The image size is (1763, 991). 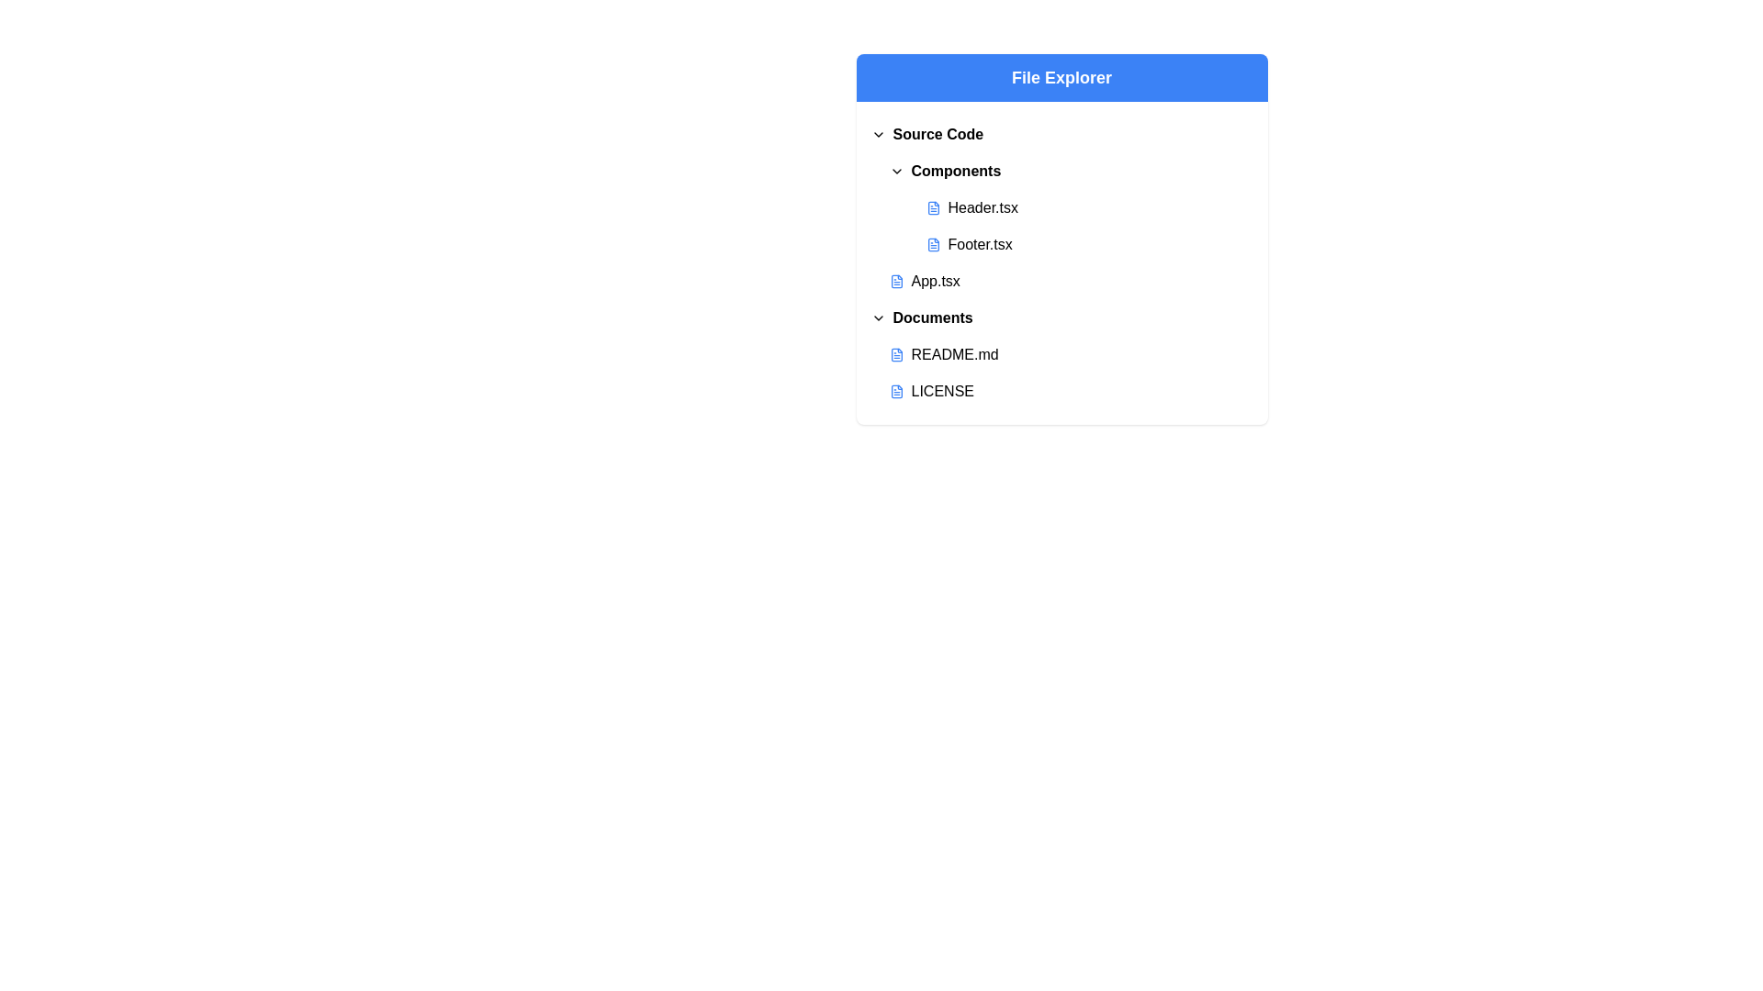 I want to click on the selectable file entry labeled 'README.md' within the 'Documents' section of the directory tree, so click(x=1061, y=354).